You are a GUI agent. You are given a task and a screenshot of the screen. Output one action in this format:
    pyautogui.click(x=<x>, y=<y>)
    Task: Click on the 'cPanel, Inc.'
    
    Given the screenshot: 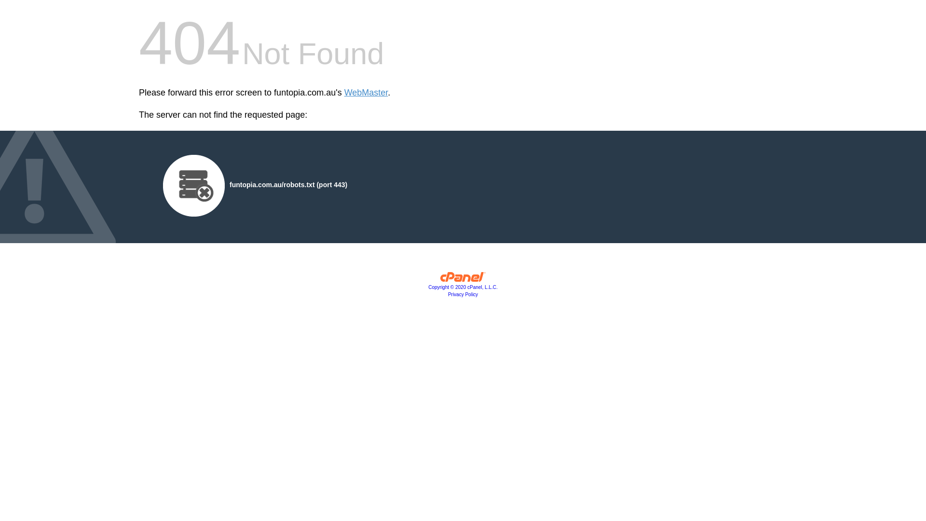 What is the action you would take?
    pyautogui.click(x=463, y=279)
    